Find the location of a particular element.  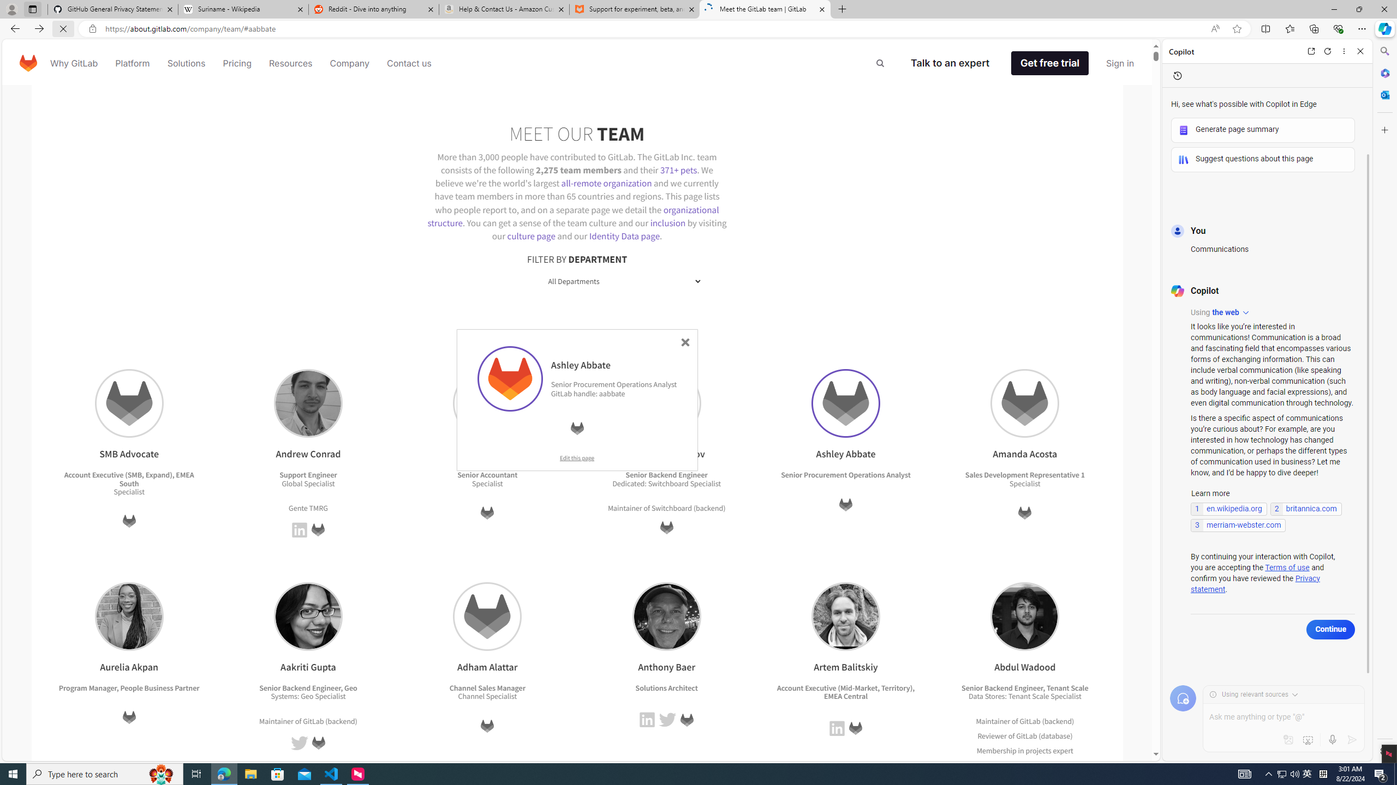

'Program Manager, People Business Partner' is located at coordinates (129, 687).